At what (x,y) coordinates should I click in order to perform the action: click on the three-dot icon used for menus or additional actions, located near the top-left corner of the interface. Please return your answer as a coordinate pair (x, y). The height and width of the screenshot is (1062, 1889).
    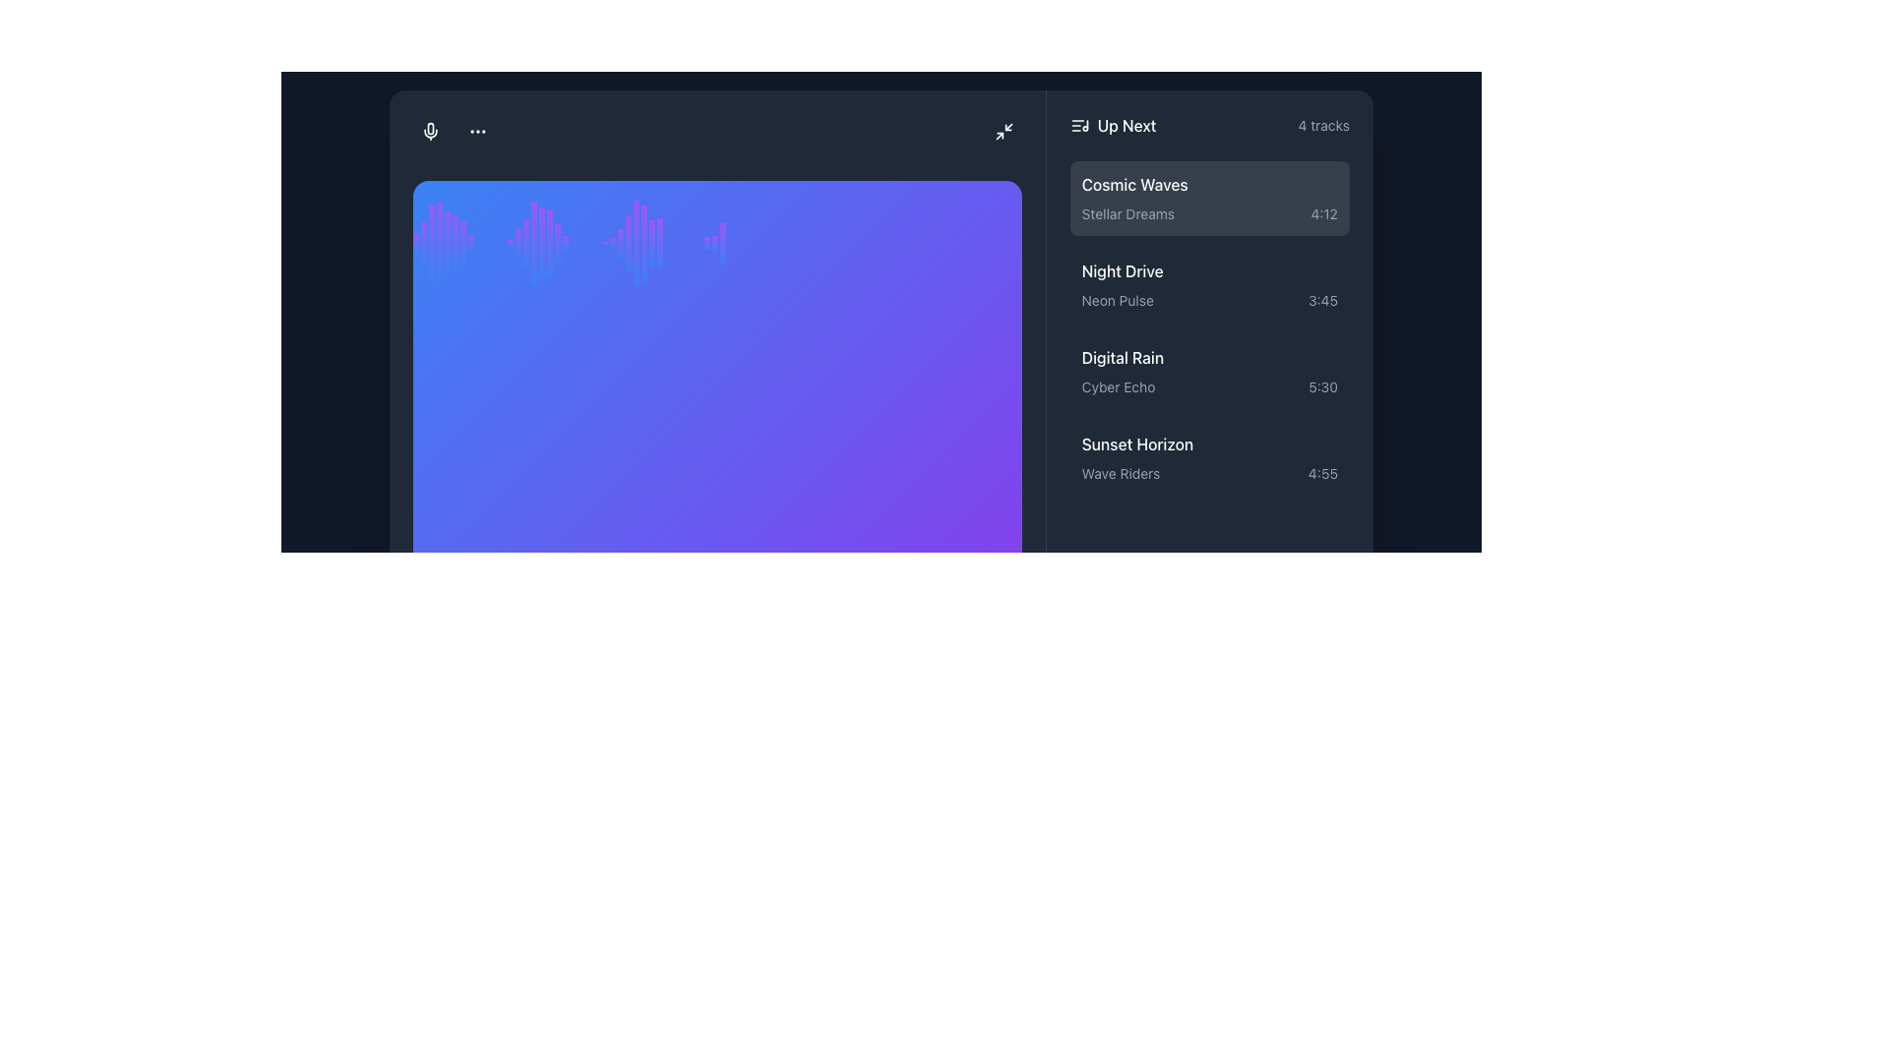
    Looking at the image, I should click on (477, 130).